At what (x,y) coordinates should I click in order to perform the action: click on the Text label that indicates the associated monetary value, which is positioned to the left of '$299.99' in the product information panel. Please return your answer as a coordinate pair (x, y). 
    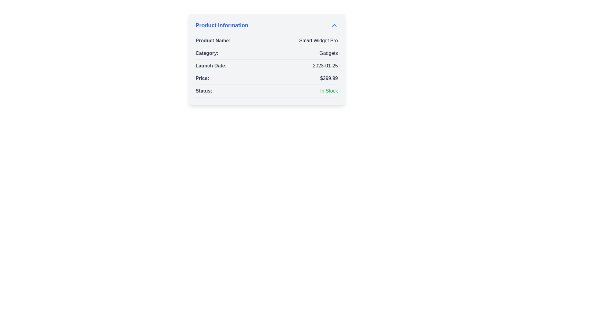
    Looking at the image, I should click on (202, 78).